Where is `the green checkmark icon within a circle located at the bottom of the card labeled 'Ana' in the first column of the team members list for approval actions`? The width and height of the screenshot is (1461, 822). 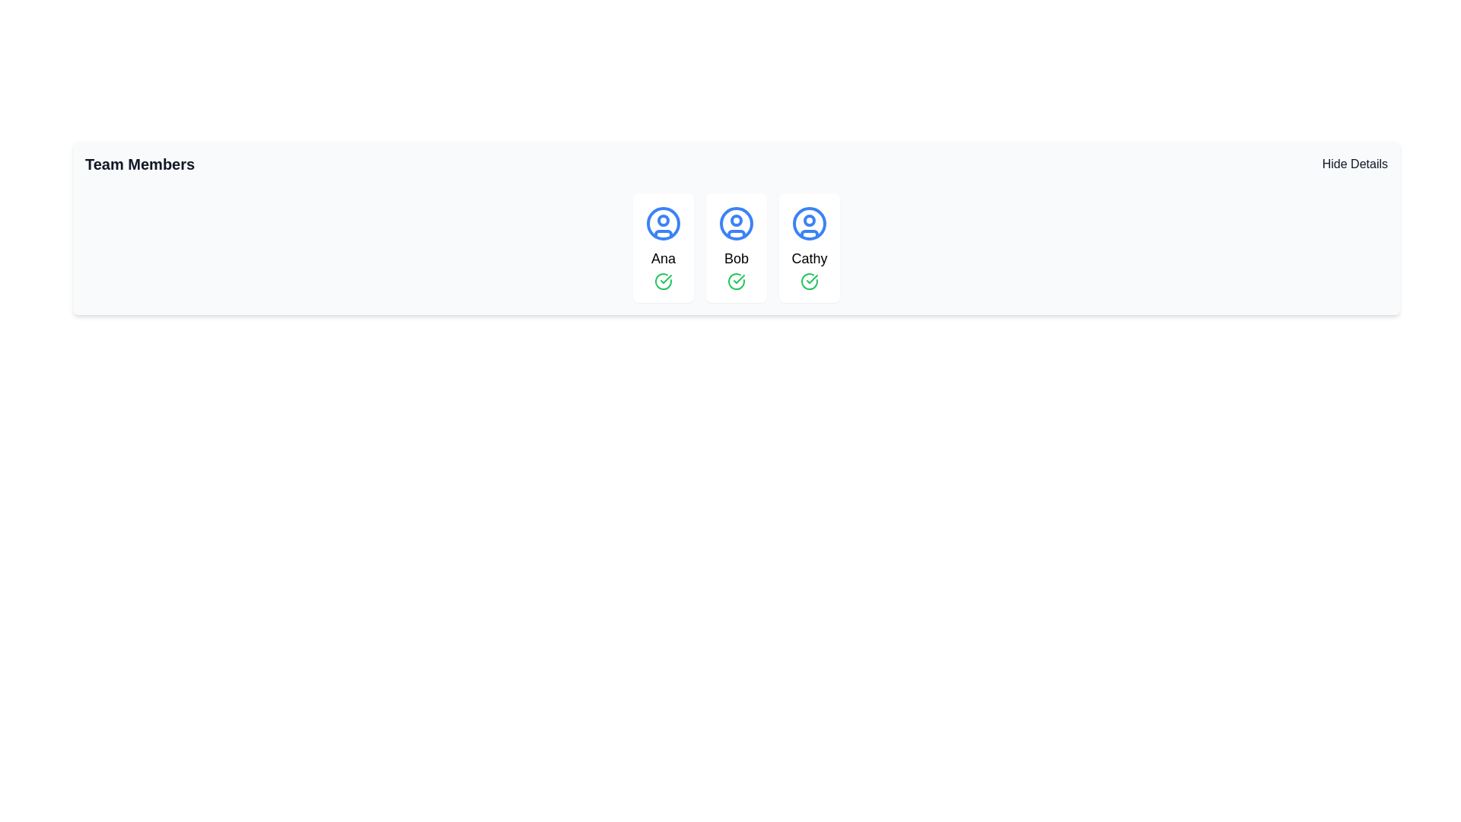 the green checkmark icon within a circle located at the bottom of the card labeled 'Ana' in the first column of the team members list for approval actions is located at coordinates (664, 282).